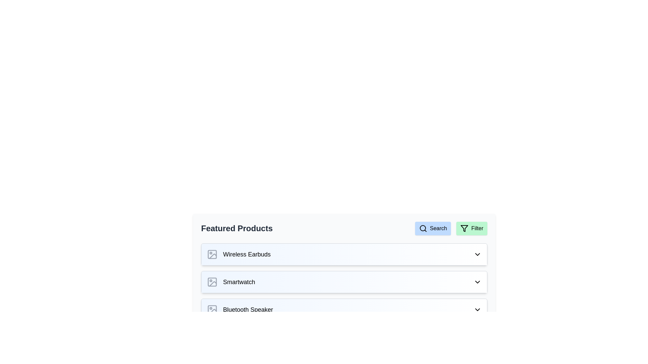  Describe the element at coordinates (212, 309) in the screenshot. I see `the rectangular icon with a gray border representing an image placeholder for the 'Bluetooth Speaker' item` at that location.